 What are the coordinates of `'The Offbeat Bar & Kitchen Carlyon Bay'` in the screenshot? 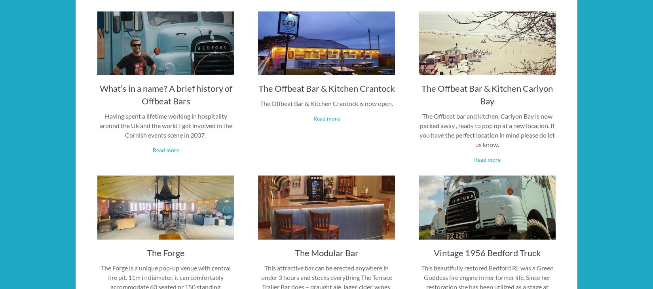 It's located at (487, 94).